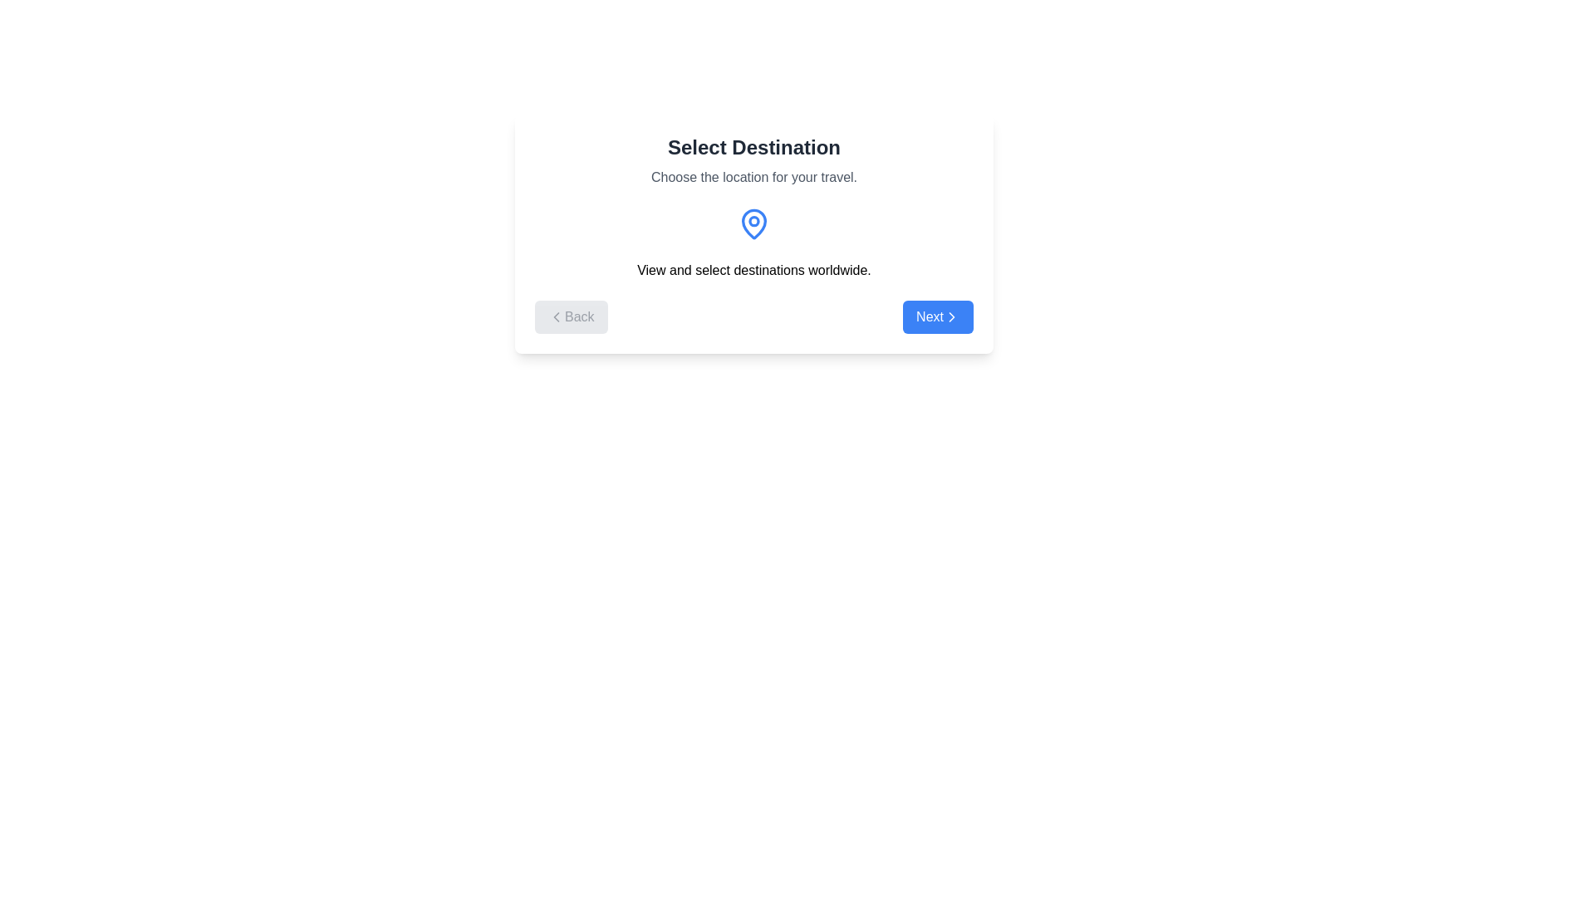  I want to click on the static text element that contains the message 'Choose the location for your travel.' which is positioned below the header 'Select Destination', so click(753, 177).